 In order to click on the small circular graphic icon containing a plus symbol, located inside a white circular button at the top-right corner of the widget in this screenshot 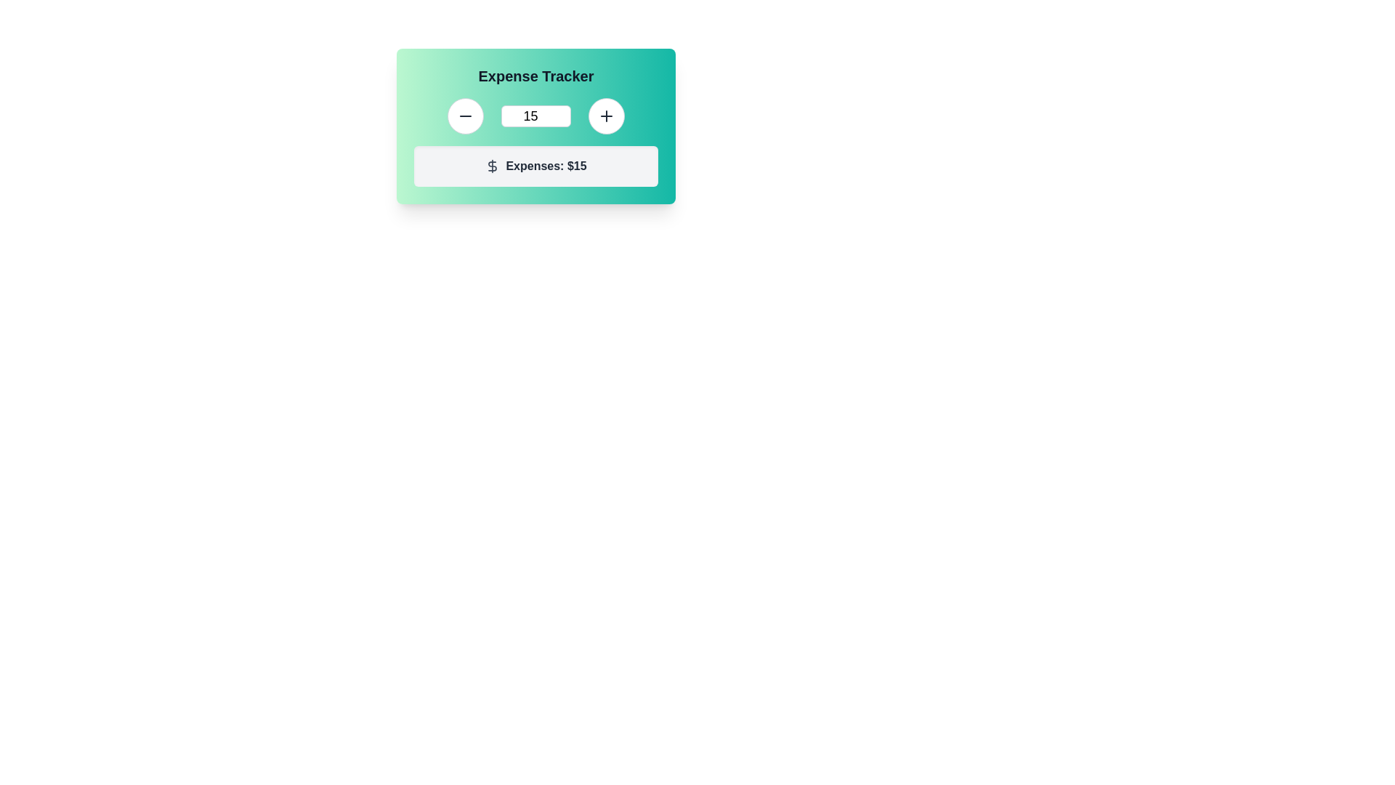, I will do `click(607, 115)`.